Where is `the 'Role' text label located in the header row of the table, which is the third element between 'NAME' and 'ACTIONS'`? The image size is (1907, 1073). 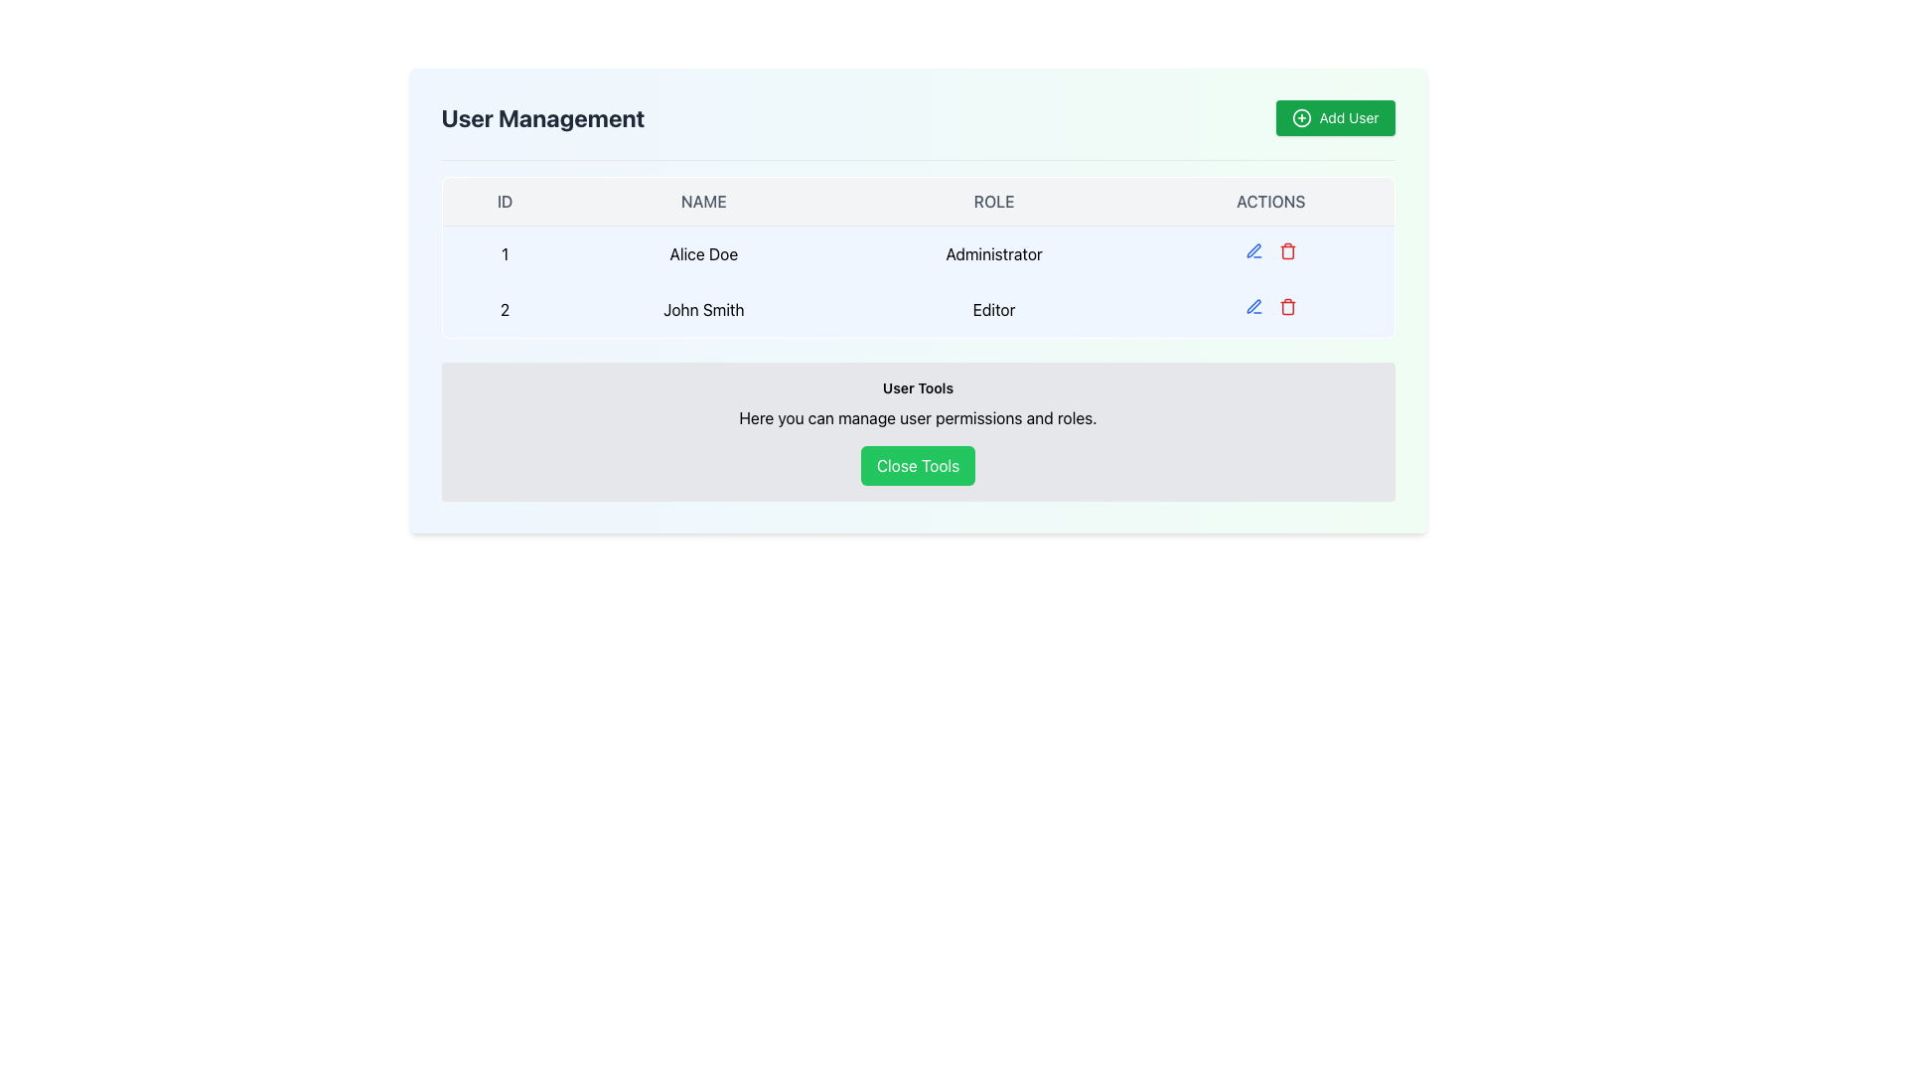 the 'Role' text label located in the header row of the table, which is the third element between 'NAME' and 'ACTIONS' is located at coordinates (994, 202).